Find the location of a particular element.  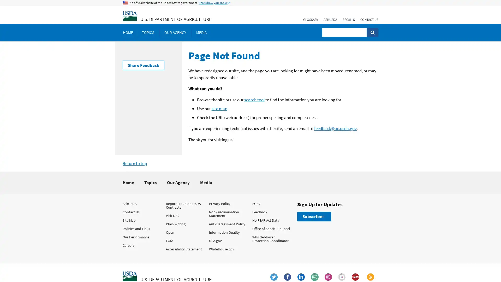

Search is located at coordinates (372, 32).